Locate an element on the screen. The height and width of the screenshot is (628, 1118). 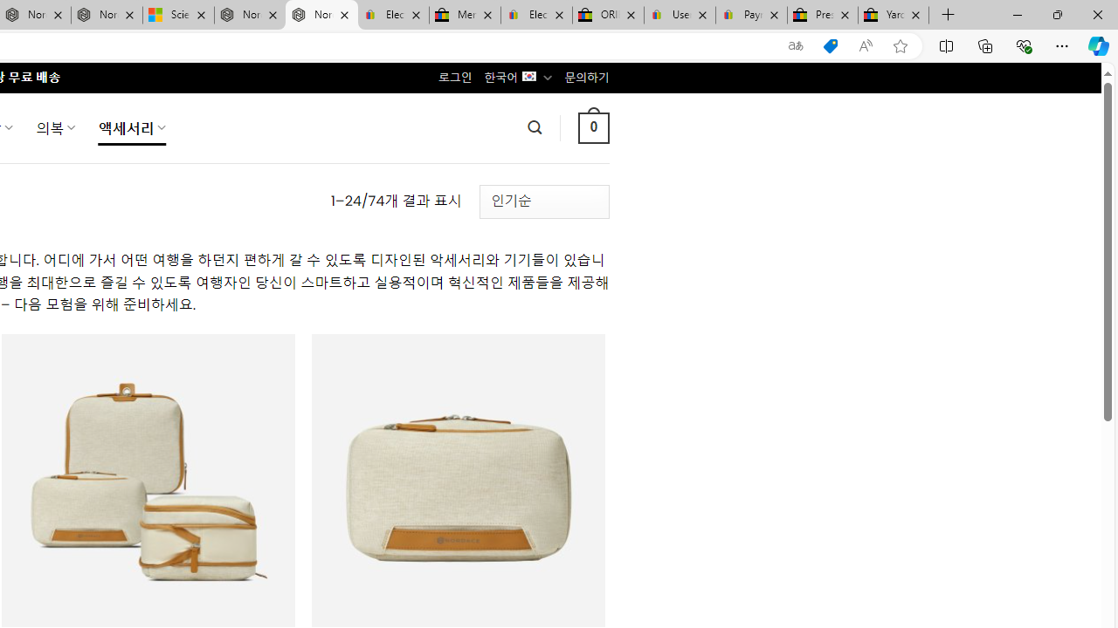
'Payments Terms of Use | eBay.com' is located at coordinates (751, 15).